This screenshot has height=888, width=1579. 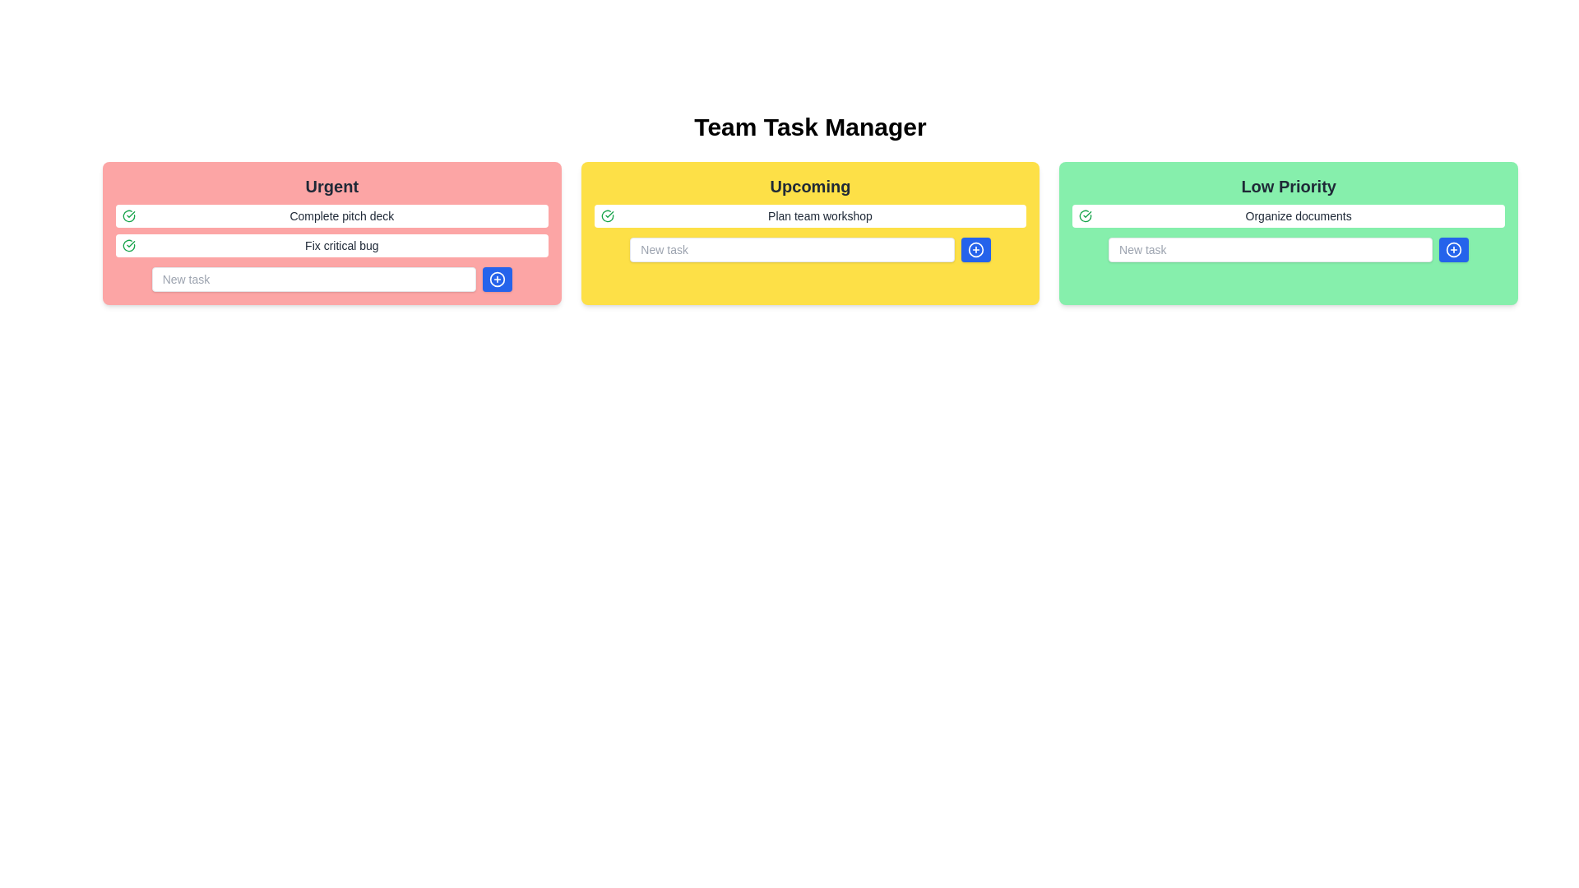 What do you see at coordinates (820, 215) in the screenshot?
I see `the static text label that reads 'Plan team workshop', which is centered in the 'Upcoming' card on the 'Team Task Manager' page, positioned above the 'New task' input field` at bounding box center [820, 215].